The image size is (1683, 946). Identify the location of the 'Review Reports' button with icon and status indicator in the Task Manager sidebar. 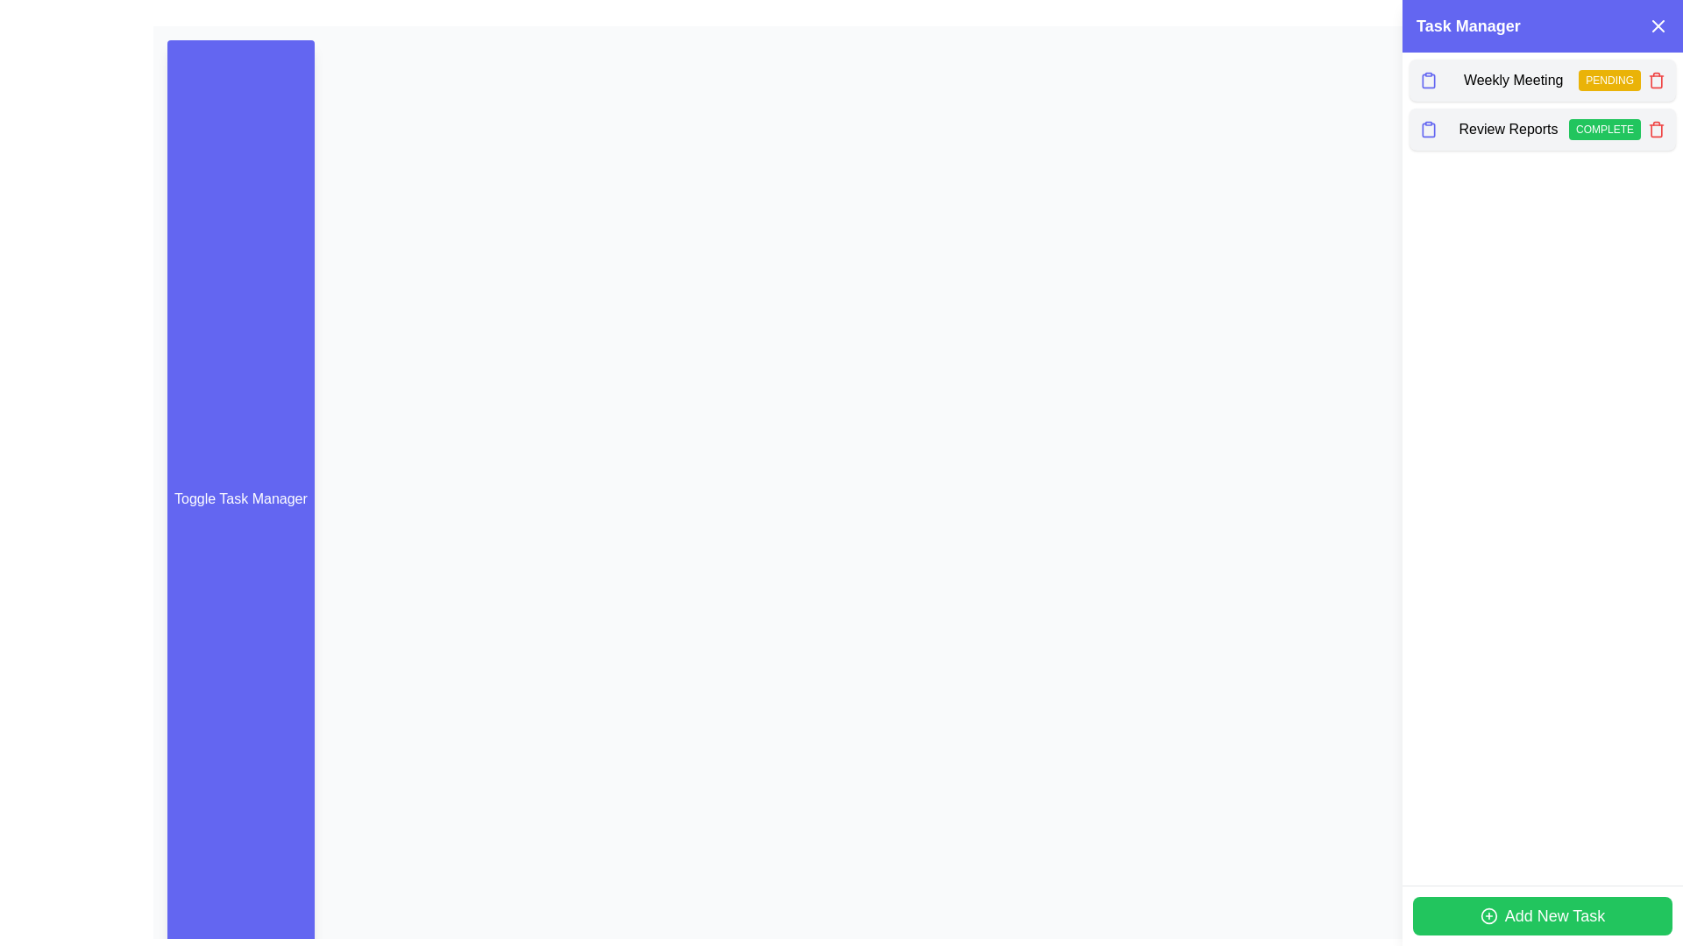
(1543, 128).